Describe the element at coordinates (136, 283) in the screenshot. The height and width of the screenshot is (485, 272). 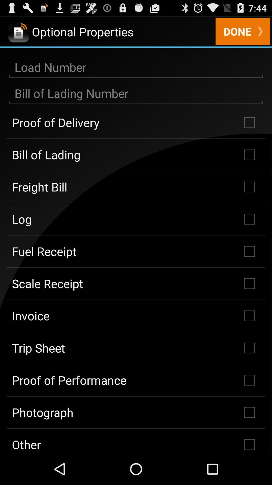
I see `icon below fuel receipt item` at that location.